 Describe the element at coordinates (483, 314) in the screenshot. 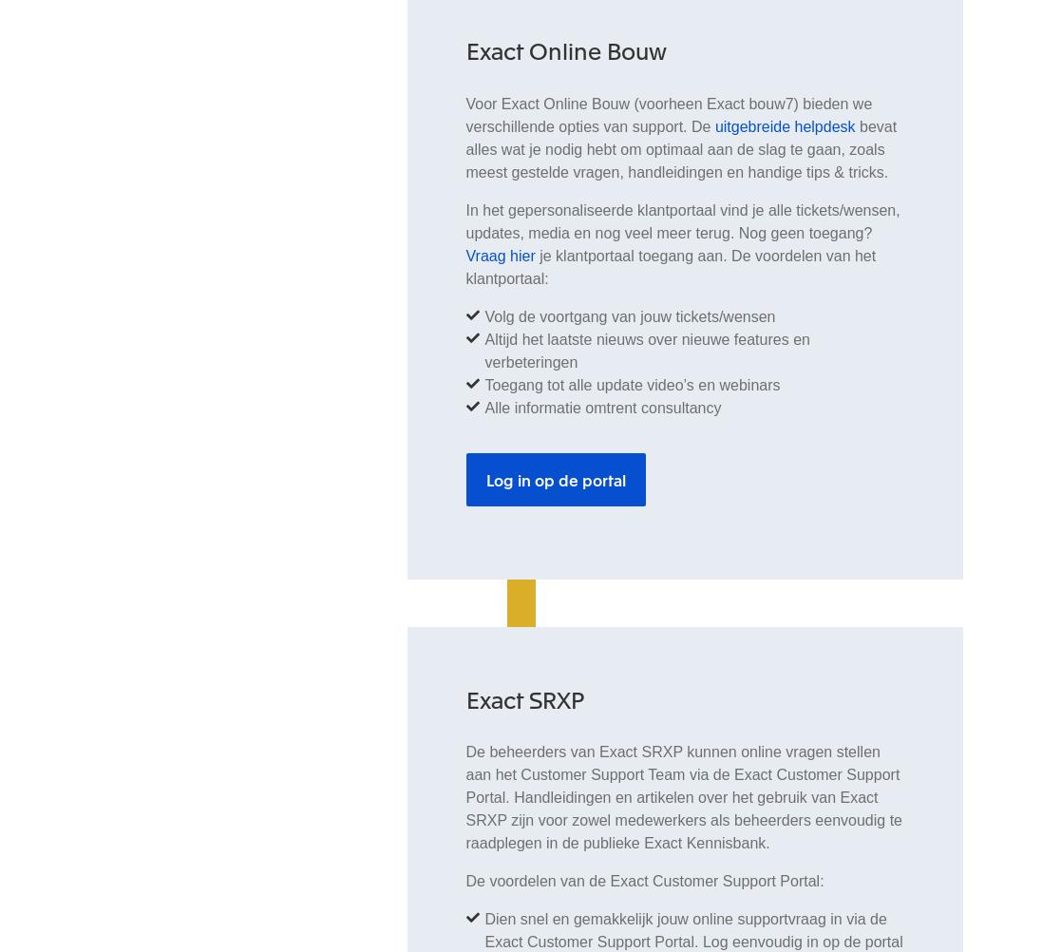

I see `'Volg de voortgang van jouw tickets/wensen'` at that location.